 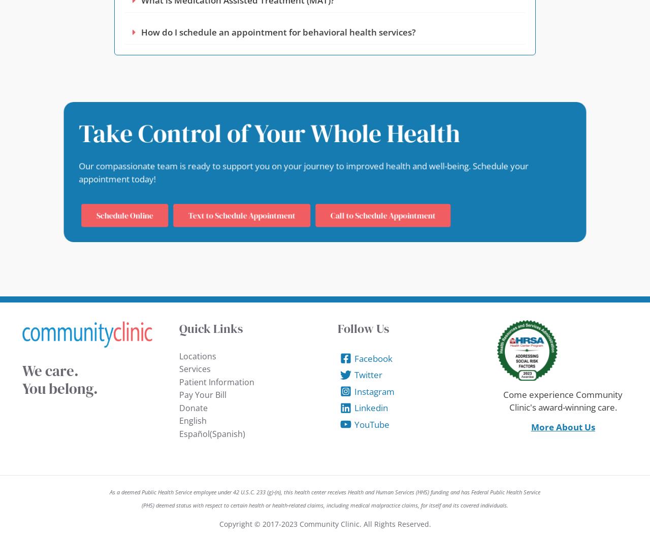 What do you see at coordinates (363, 328) in the screenshot?
I see `'Follow Us'` at bounding box center [363, 328].